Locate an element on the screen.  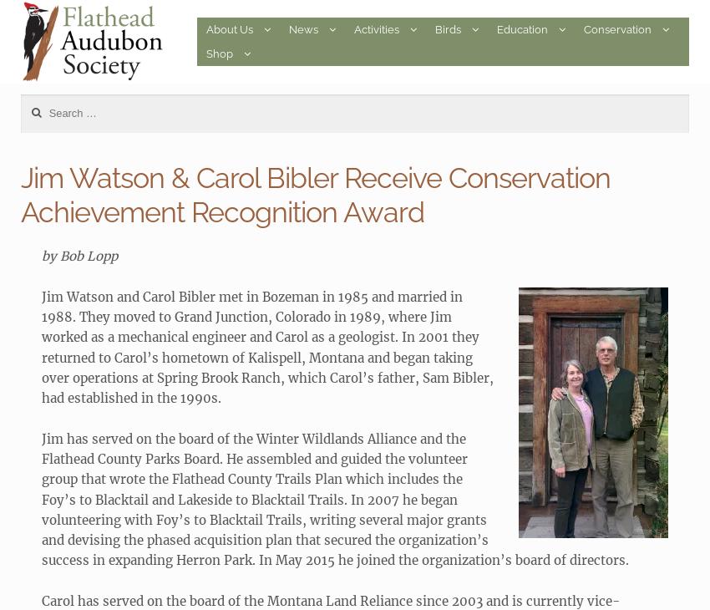
'Birds' is located at coordinates (447, 28).